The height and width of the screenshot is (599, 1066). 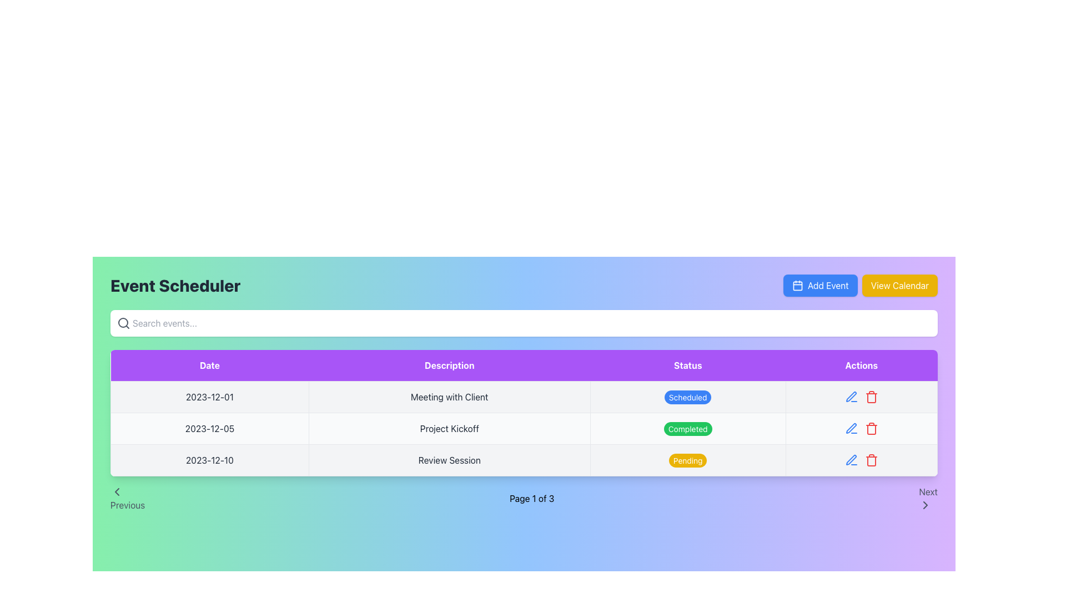 I want to click on the completion status label located in the 'Status' column of the second row, aligned with 'Project Kickoff' in the 'Description' column, so click(x=687, y=428).